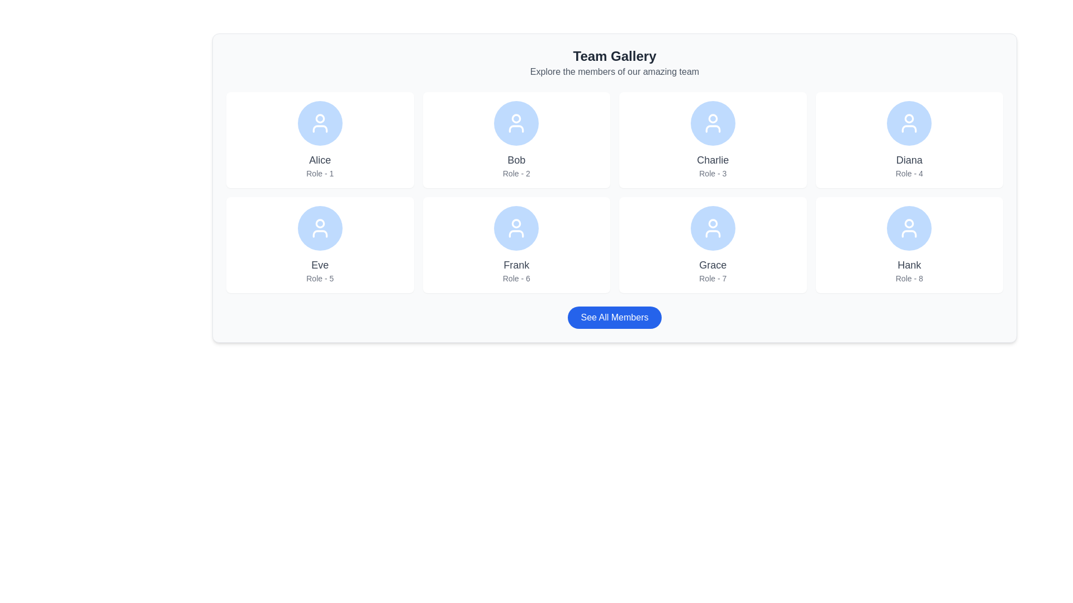  I want to click on the appearance of the Avatar or profile picture for the user named 'Eve' located in the Team Gallery section, so click(319, 227).